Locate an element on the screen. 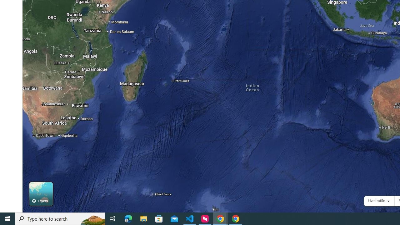 This screenshot has height=225, width=400. 'Layers' is located at coordinates (41, 193).